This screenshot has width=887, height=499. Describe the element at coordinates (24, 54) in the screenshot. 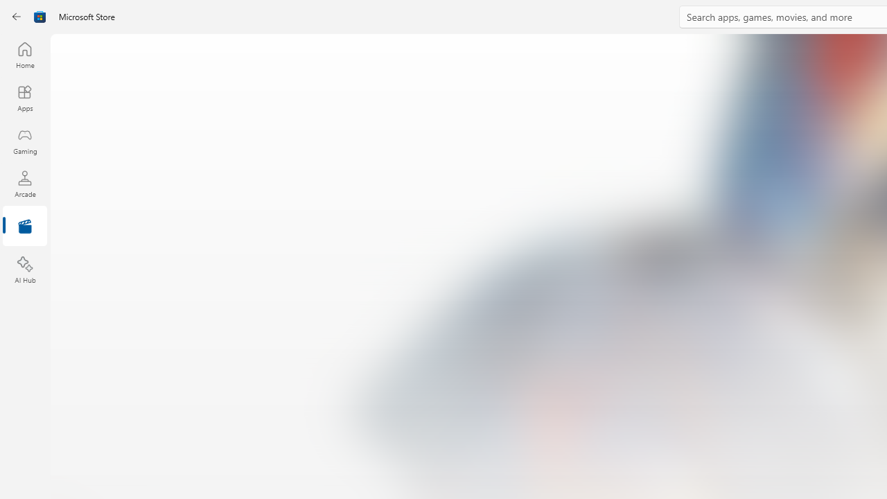

I see `'Home'` at that location.